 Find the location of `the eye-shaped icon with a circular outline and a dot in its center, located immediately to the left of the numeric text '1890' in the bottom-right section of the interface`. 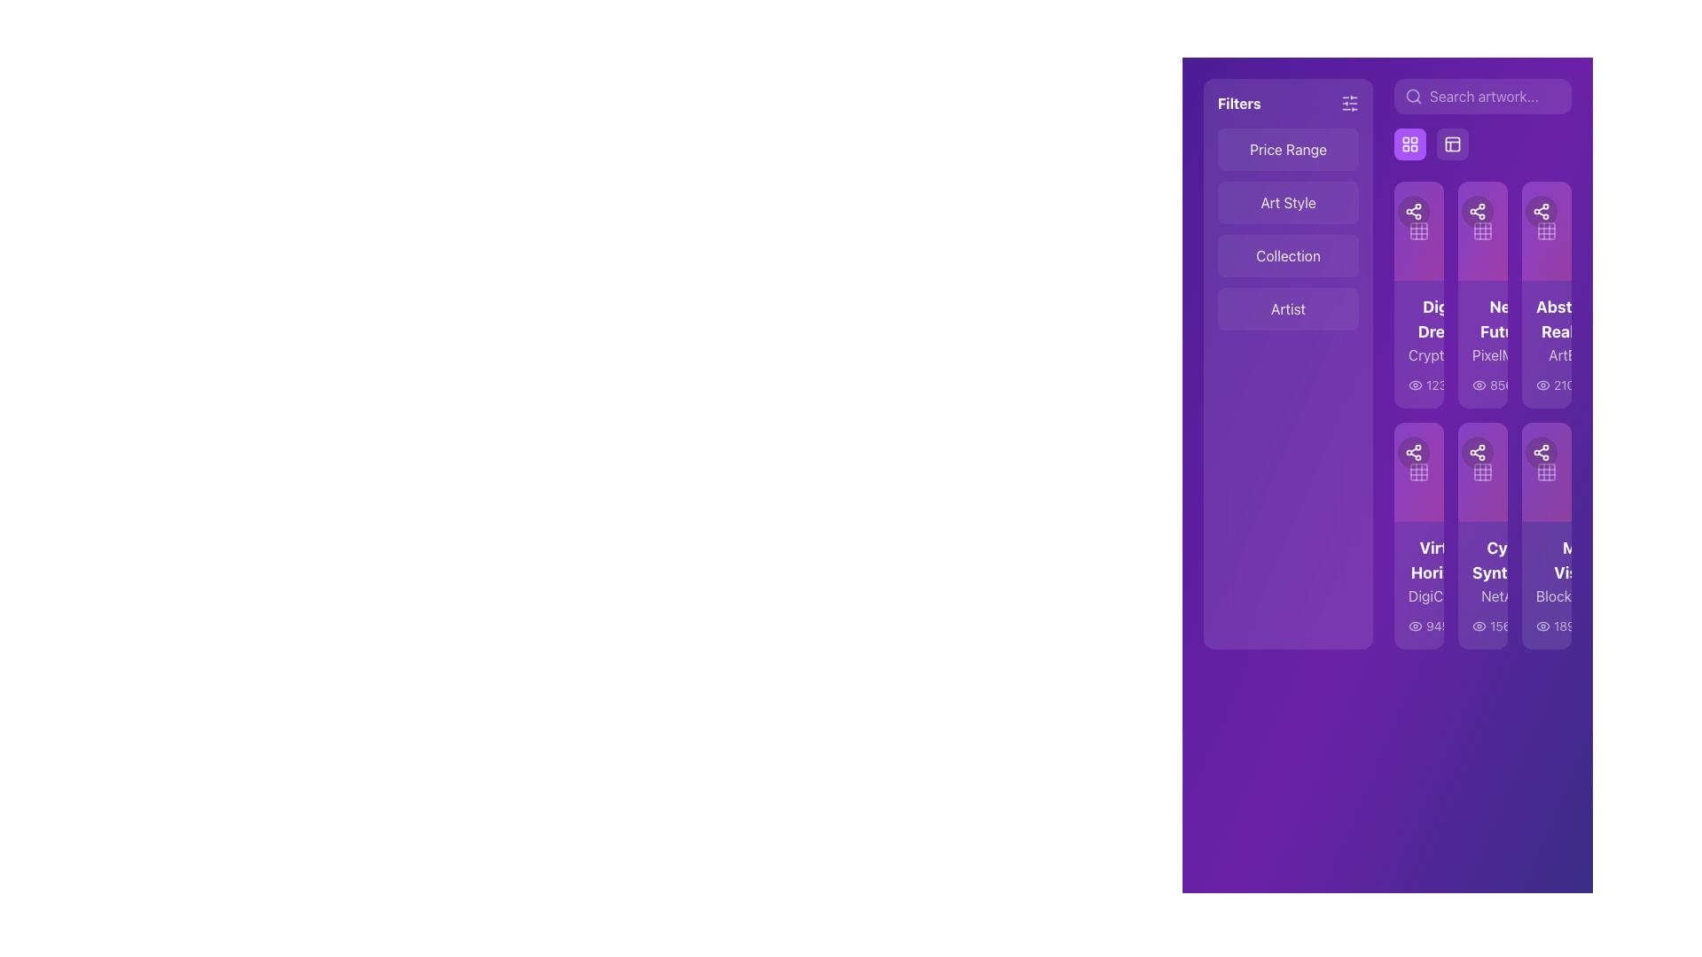

the eye-shaped icon with a circular outline and a dot in its center, located immediately to the left of the numeric text '1890' in the bottom-right section of the interface is located at coordinates (1542, 625).